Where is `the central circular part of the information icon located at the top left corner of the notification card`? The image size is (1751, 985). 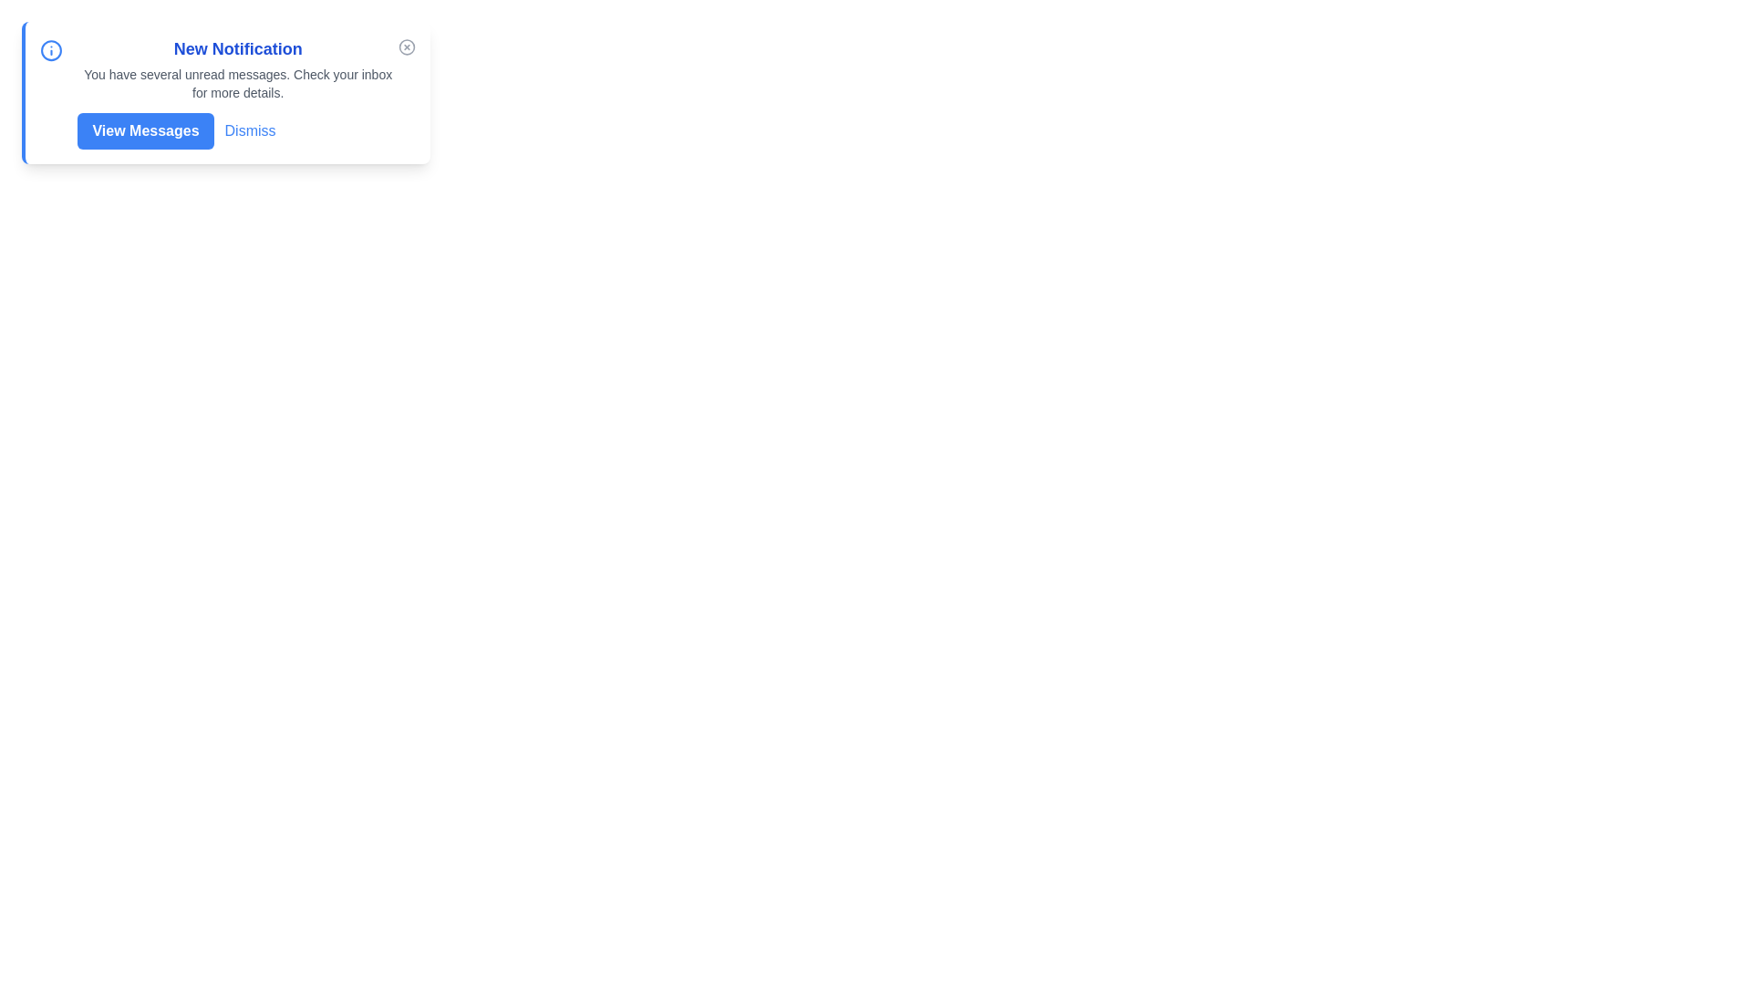 the central circular part of the information icon located at the top left corner of the notification card is located at coordinates (51, 50).